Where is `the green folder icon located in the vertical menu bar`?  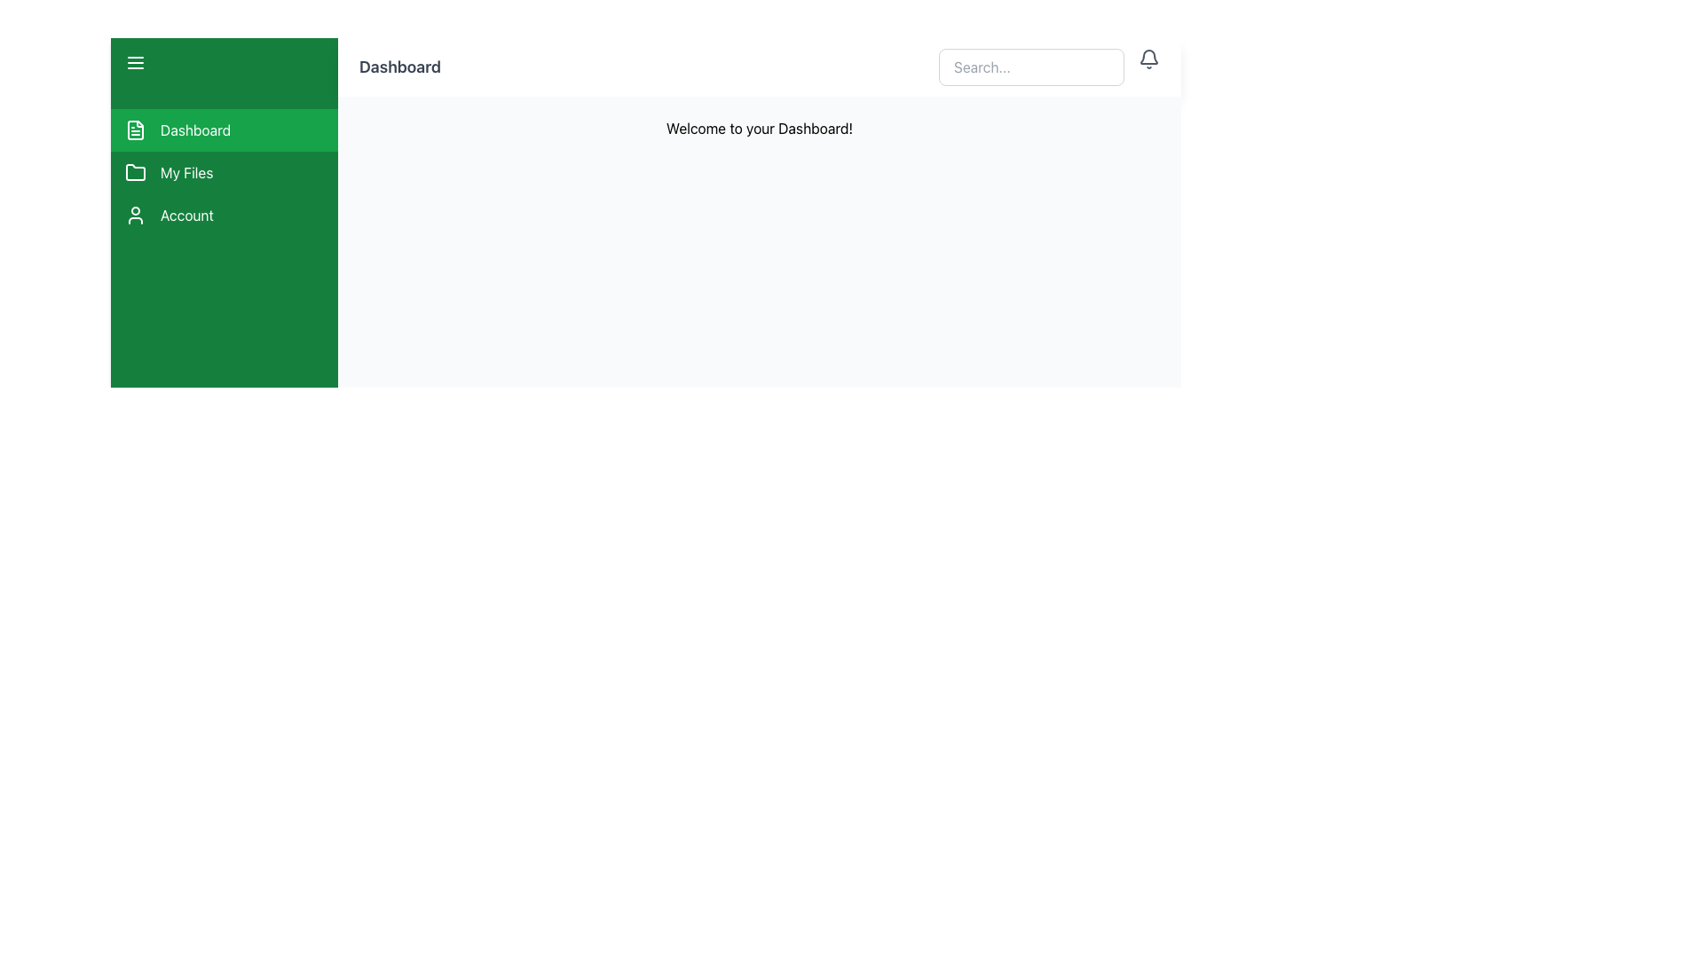 the green folder icon located in the vertical menu bar is located at coordinates (135, 172).